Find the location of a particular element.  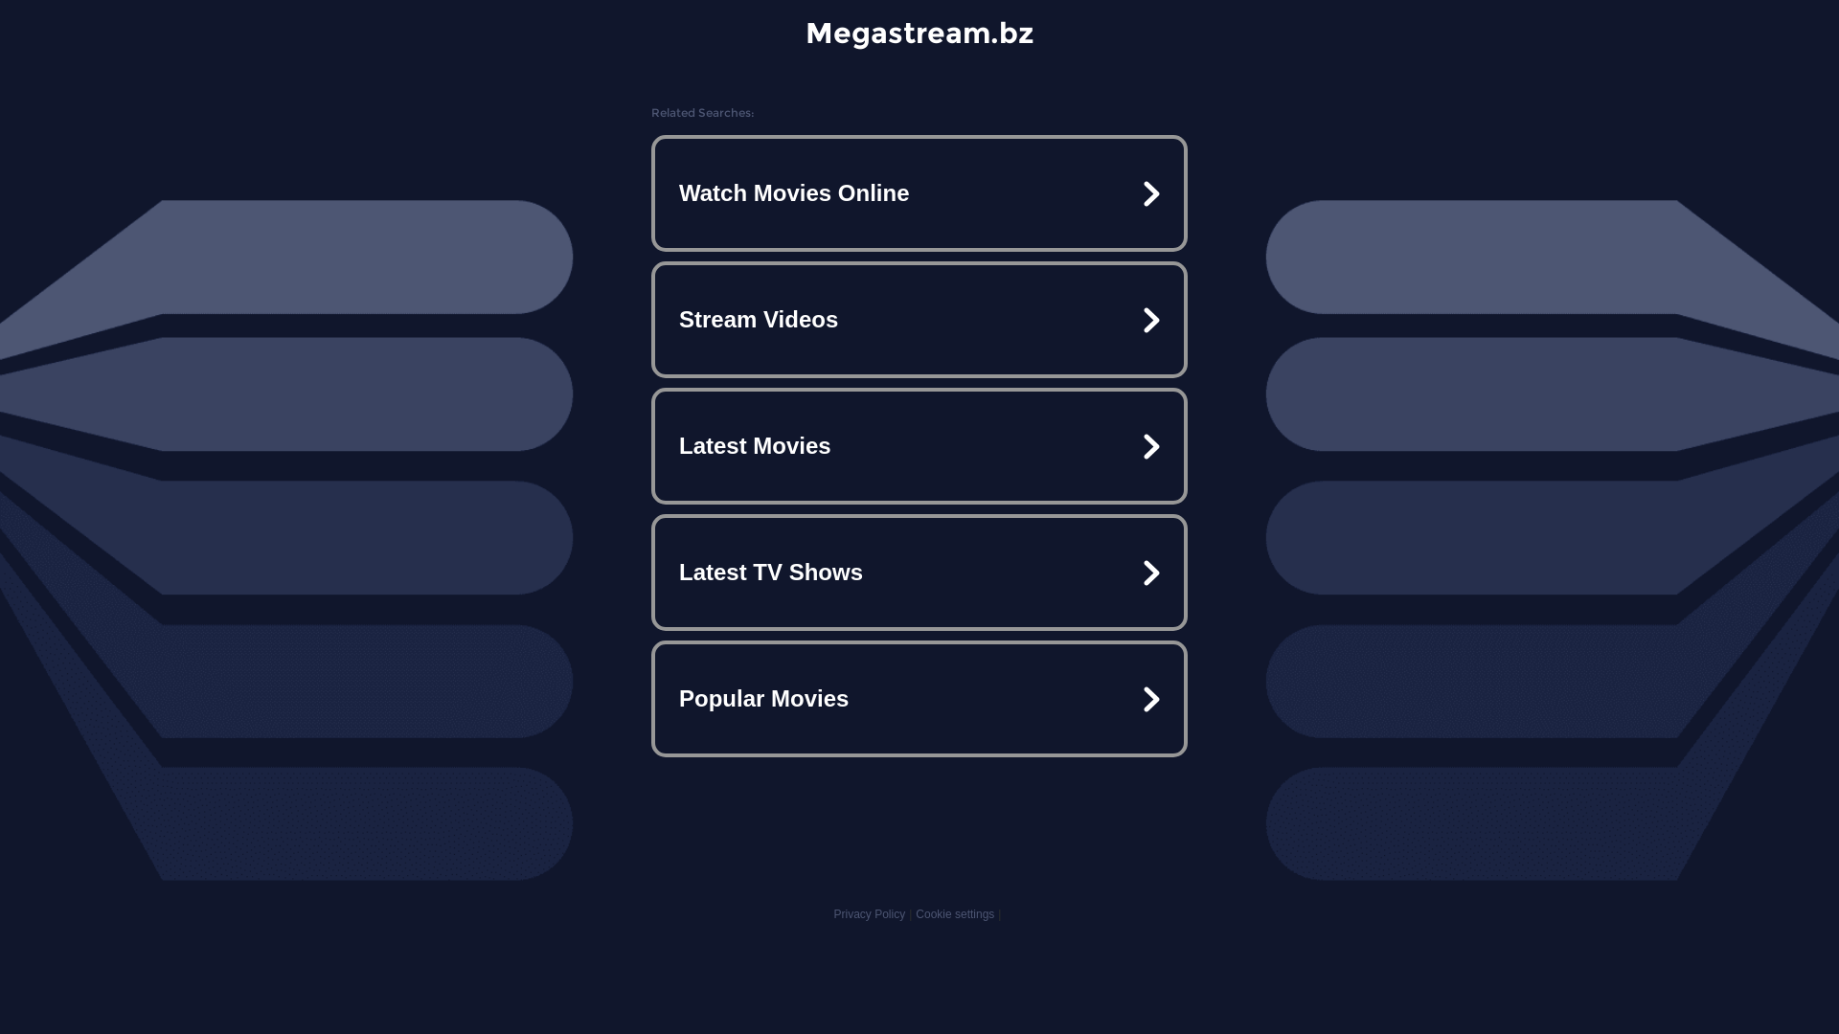

'Stream Videos' is located at coordinates (919, 319).